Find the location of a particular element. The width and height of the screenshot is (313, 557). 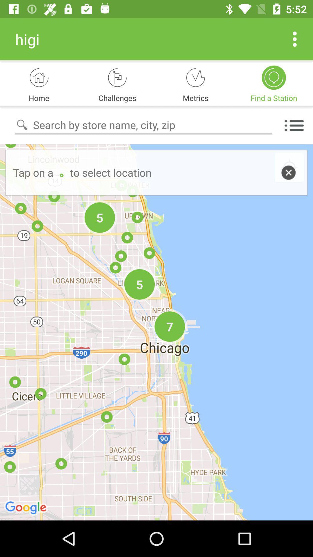

the close icon is located at coordinates (288, 172).